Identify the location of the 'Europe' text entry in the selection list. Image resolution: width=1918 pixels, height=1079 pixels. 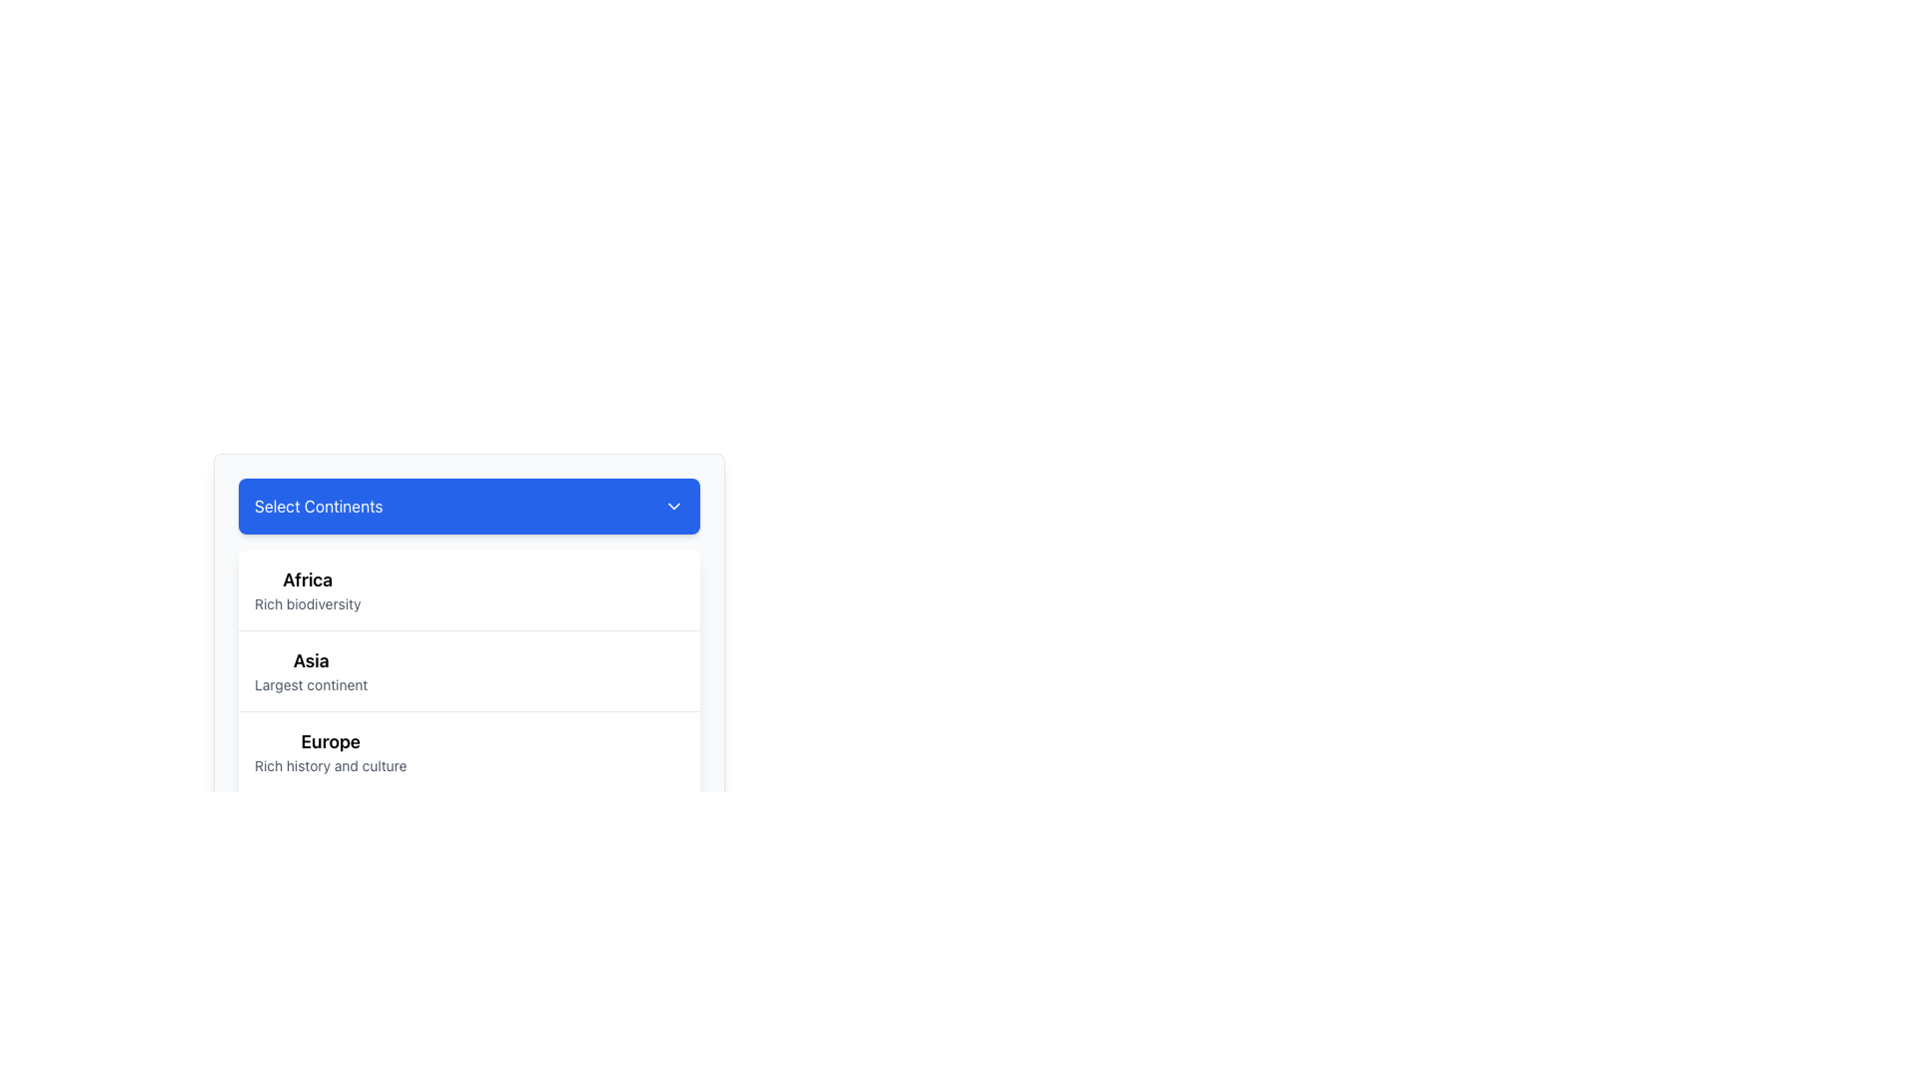
(331, 751).